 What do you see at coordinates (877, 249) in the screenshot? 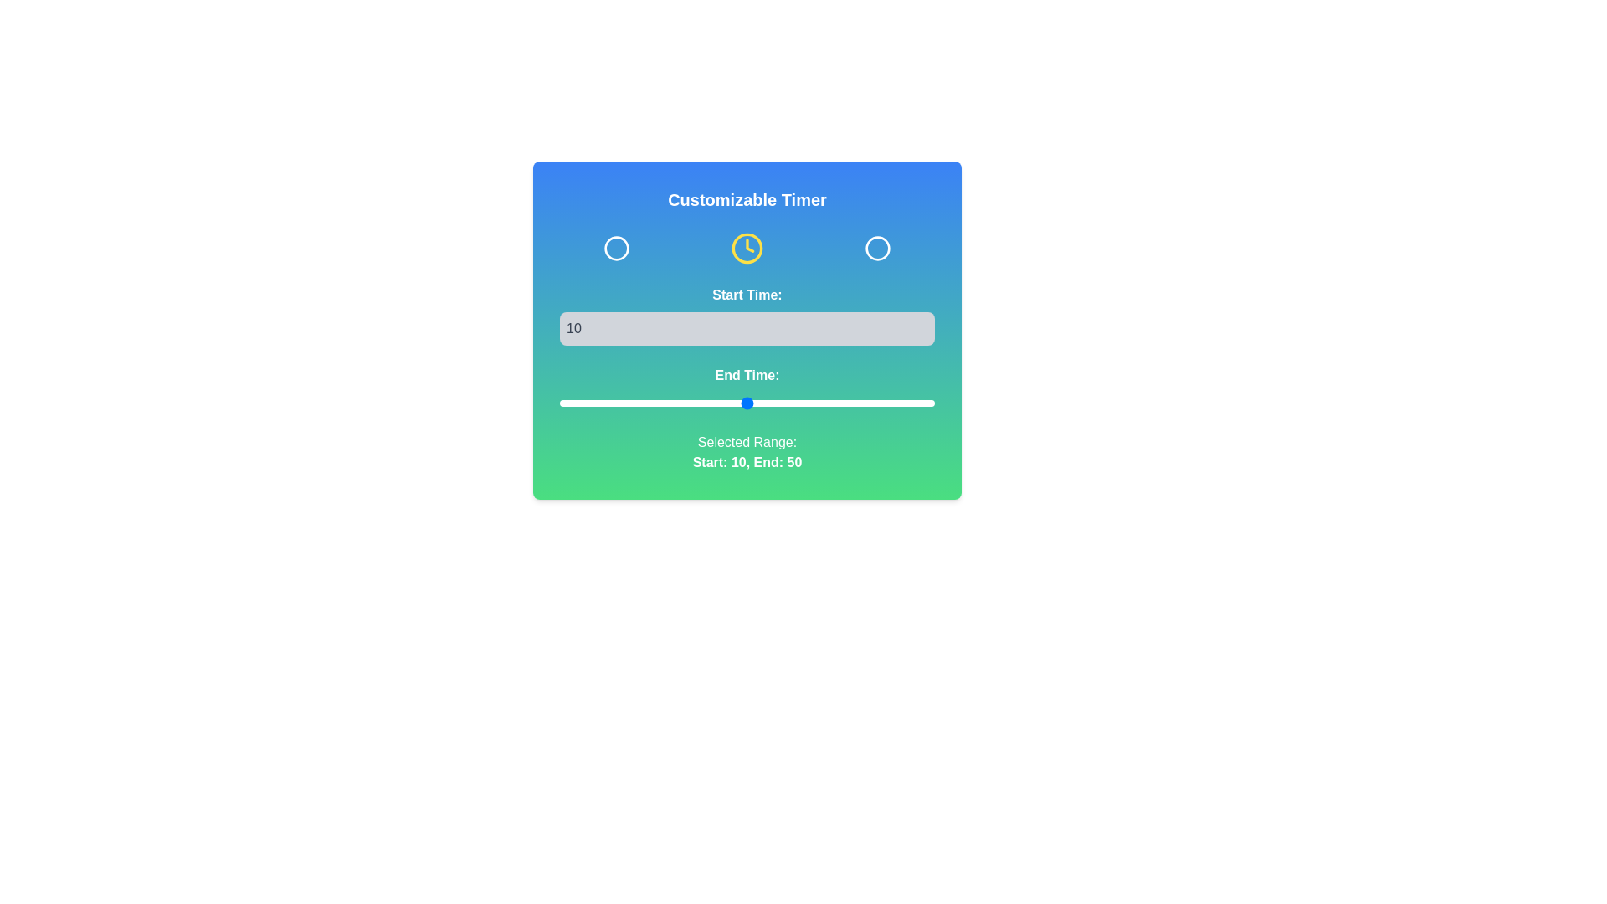
I see `the circular SVG element located on the right-hand side of a toolbar, which has a thin transparent outline and is the rightmost icon in a row of three circular icons` at bounding box center [877, 249].